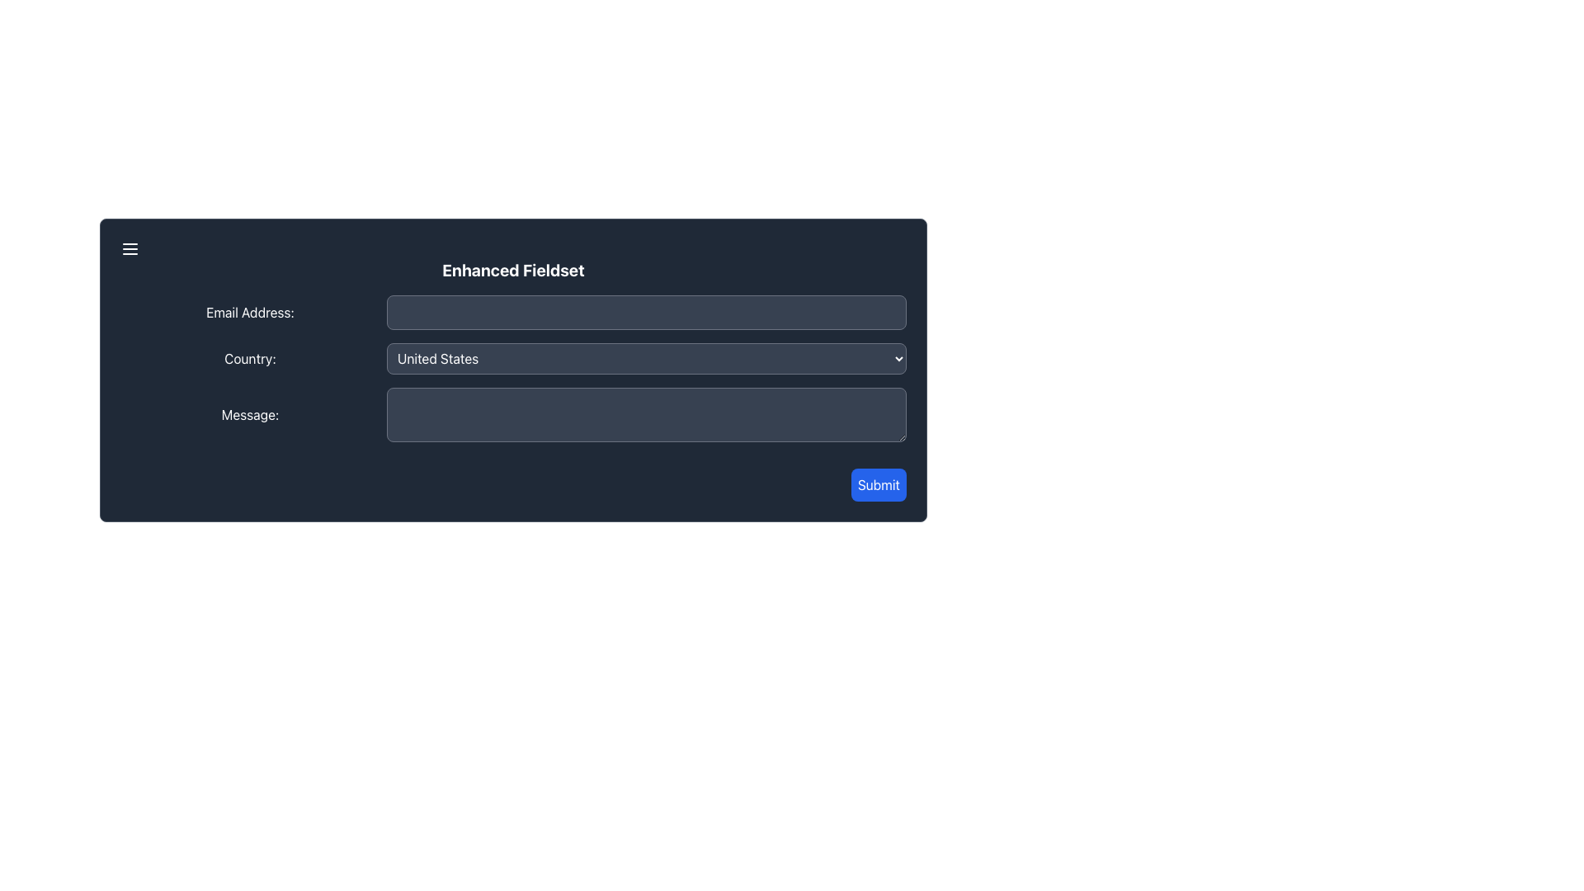 This screenshot has width=1584, height=891. Describe the element at coordinates (249, 413) in the screenshot. I see `the label indicating the adjacent input field for entering a message, located above the message text input field` at that location.